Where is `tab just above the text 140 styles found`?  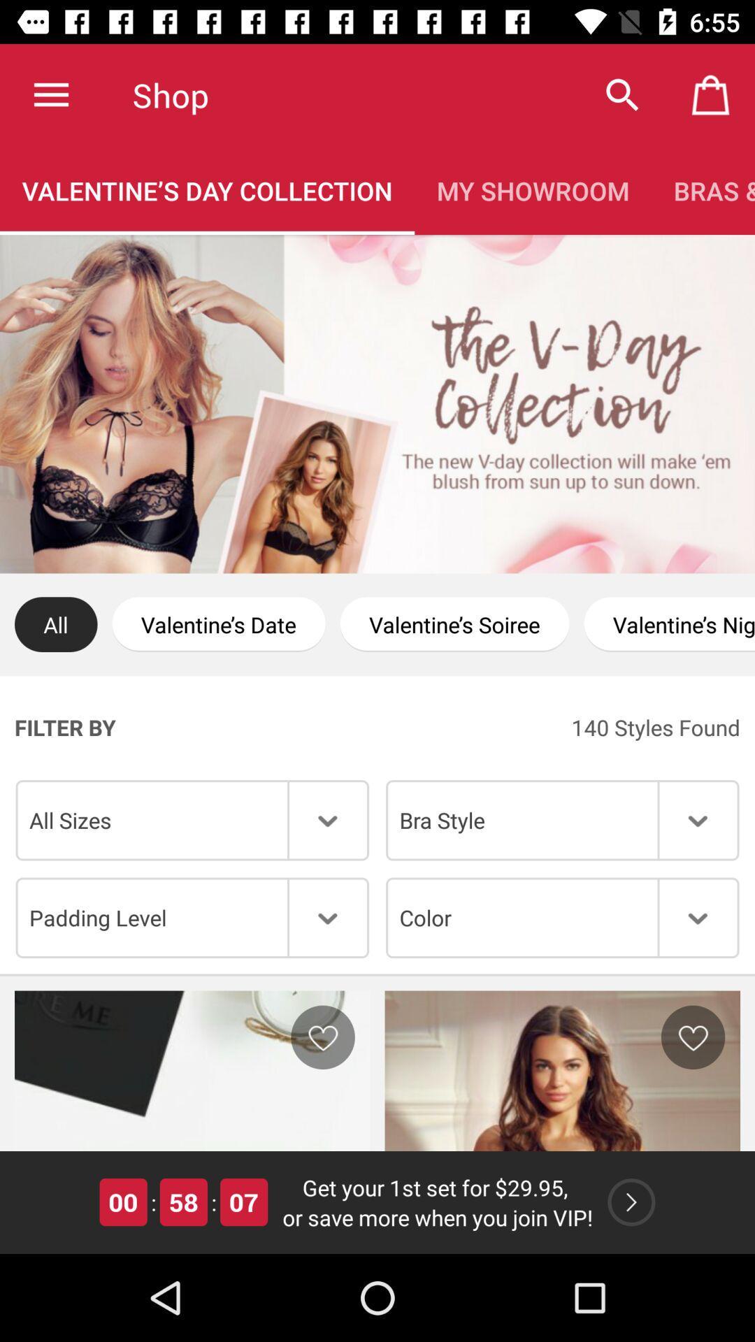 tab just above the text 140 styles found is located at coordinates (668, 623).